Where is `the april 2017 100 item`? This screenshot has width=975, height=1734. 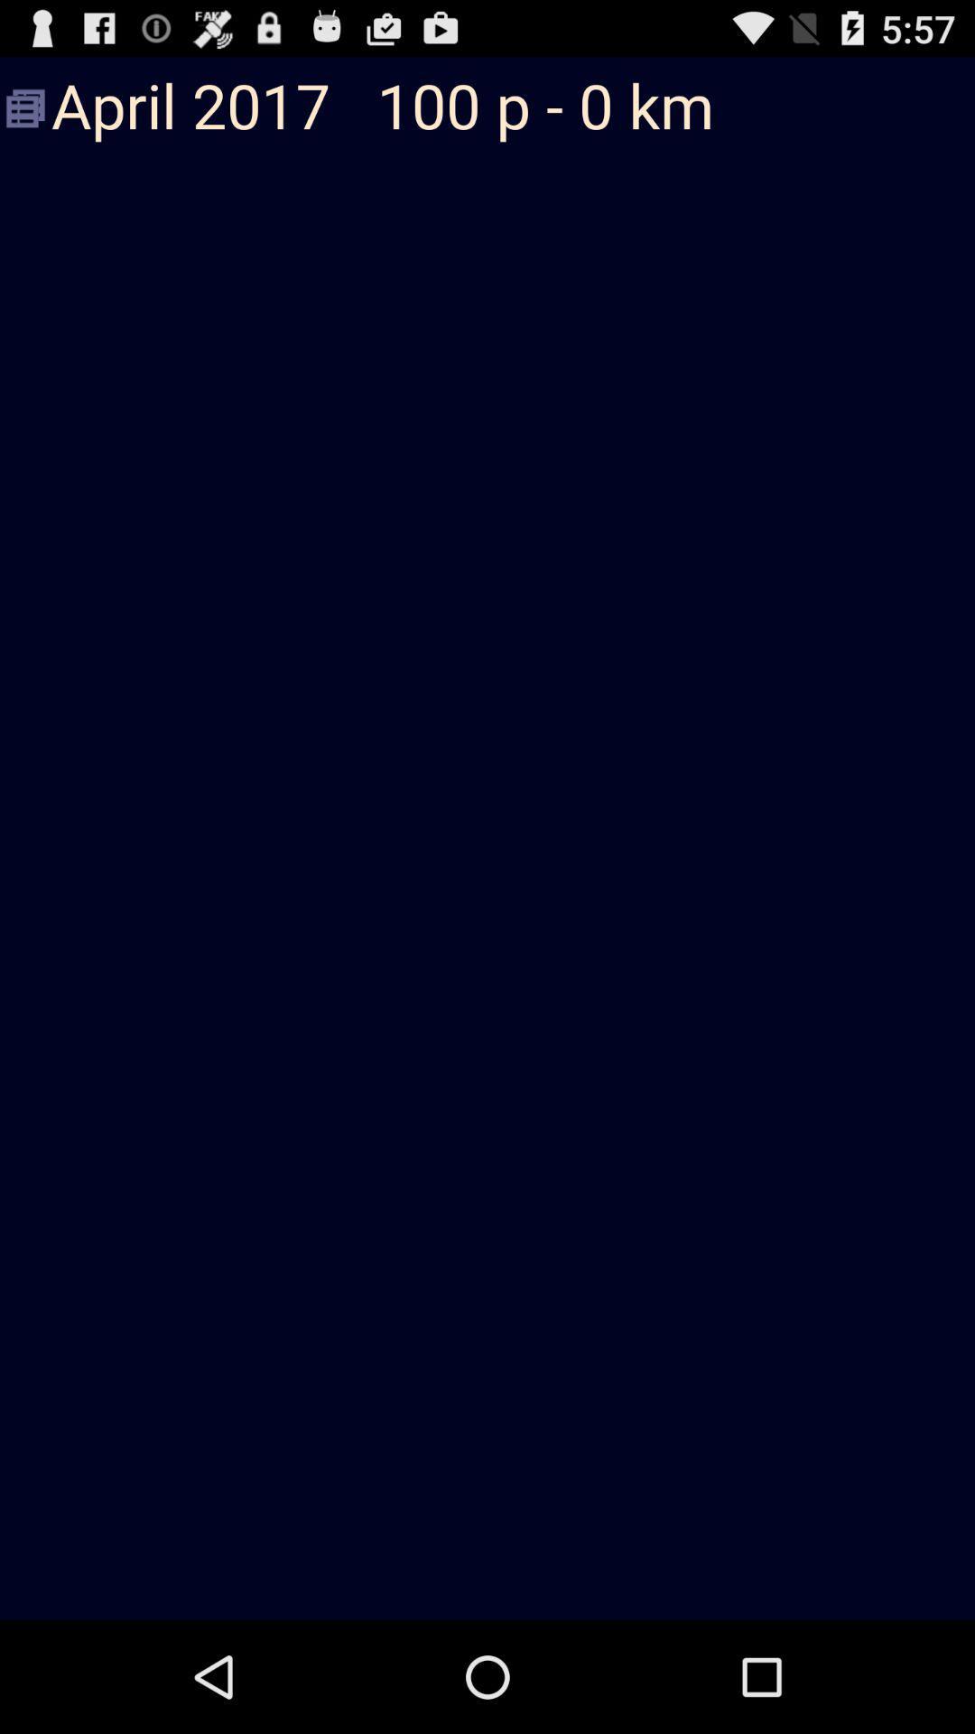
the april 2017 100 item is located at coordinates (487, 107).